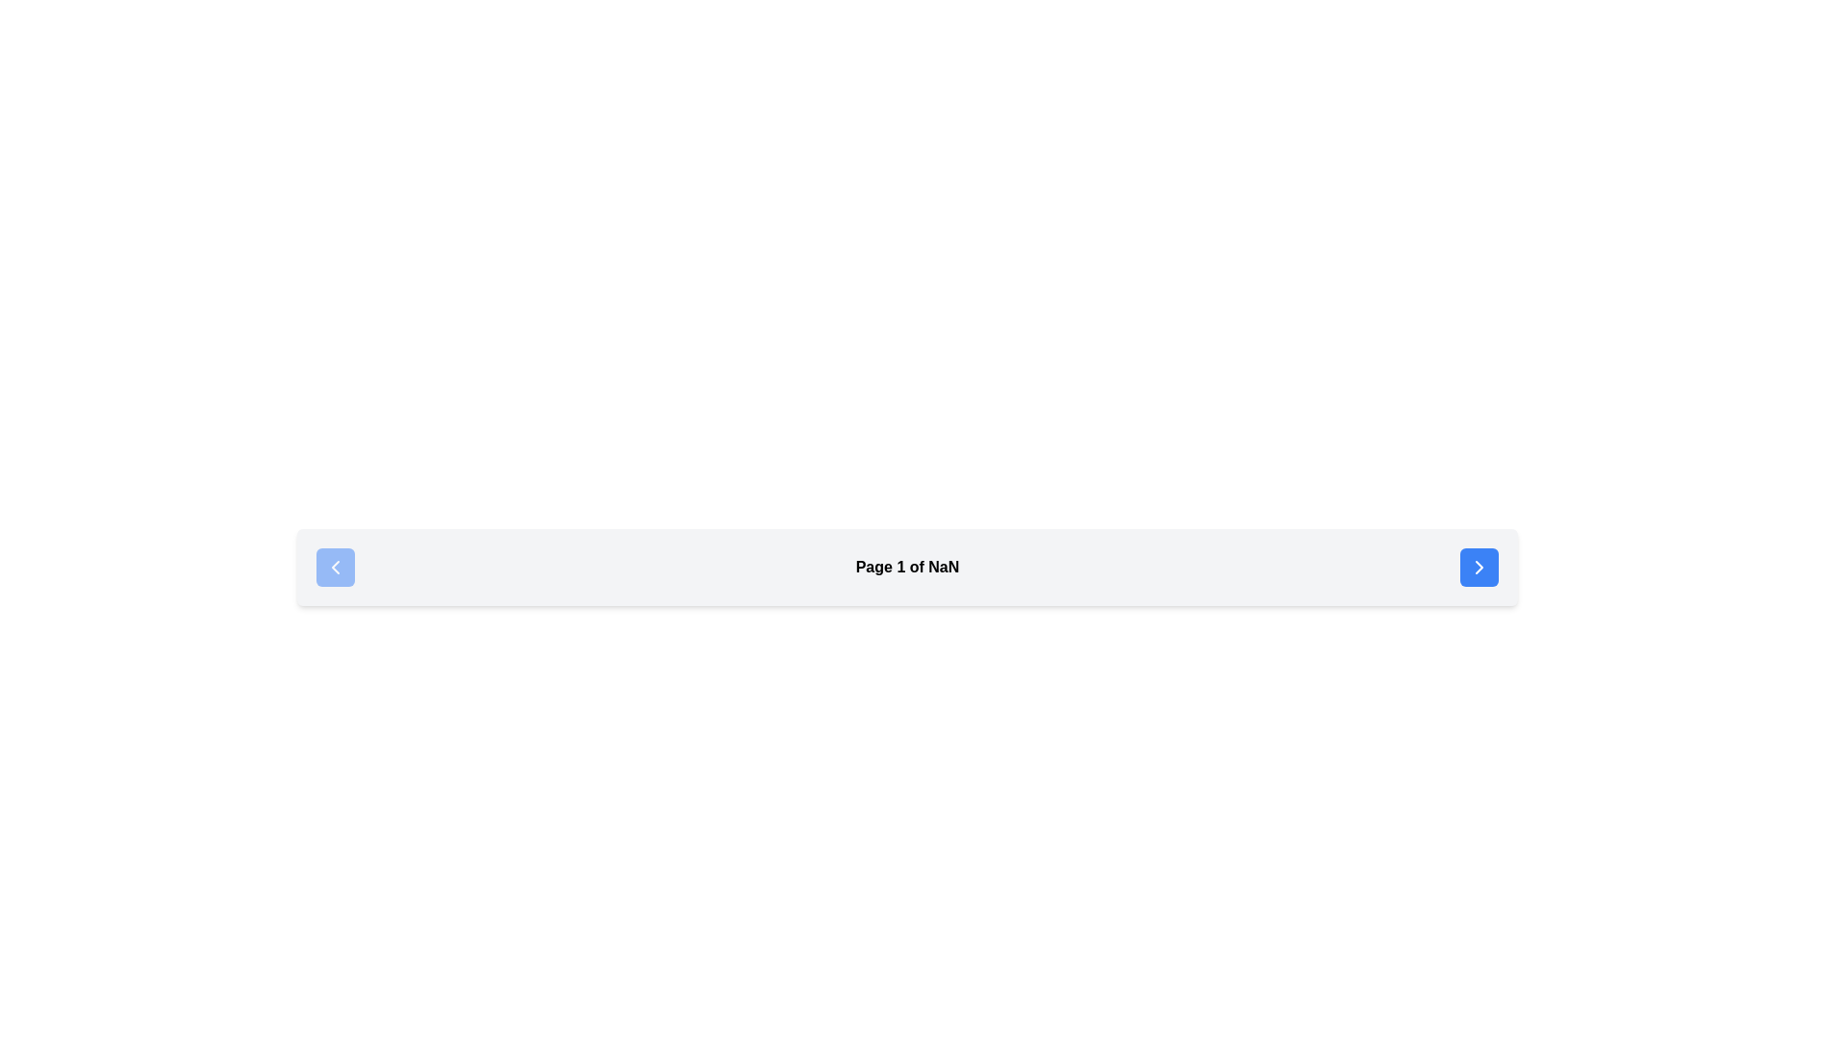 Image resolution: width=1847 pixels, height=1039 pixels. I want to click on the right navigation arrow icon located within the blue square button on the far right of the horizontal navigation bar using keyboard navigation, so click(1478, 567).